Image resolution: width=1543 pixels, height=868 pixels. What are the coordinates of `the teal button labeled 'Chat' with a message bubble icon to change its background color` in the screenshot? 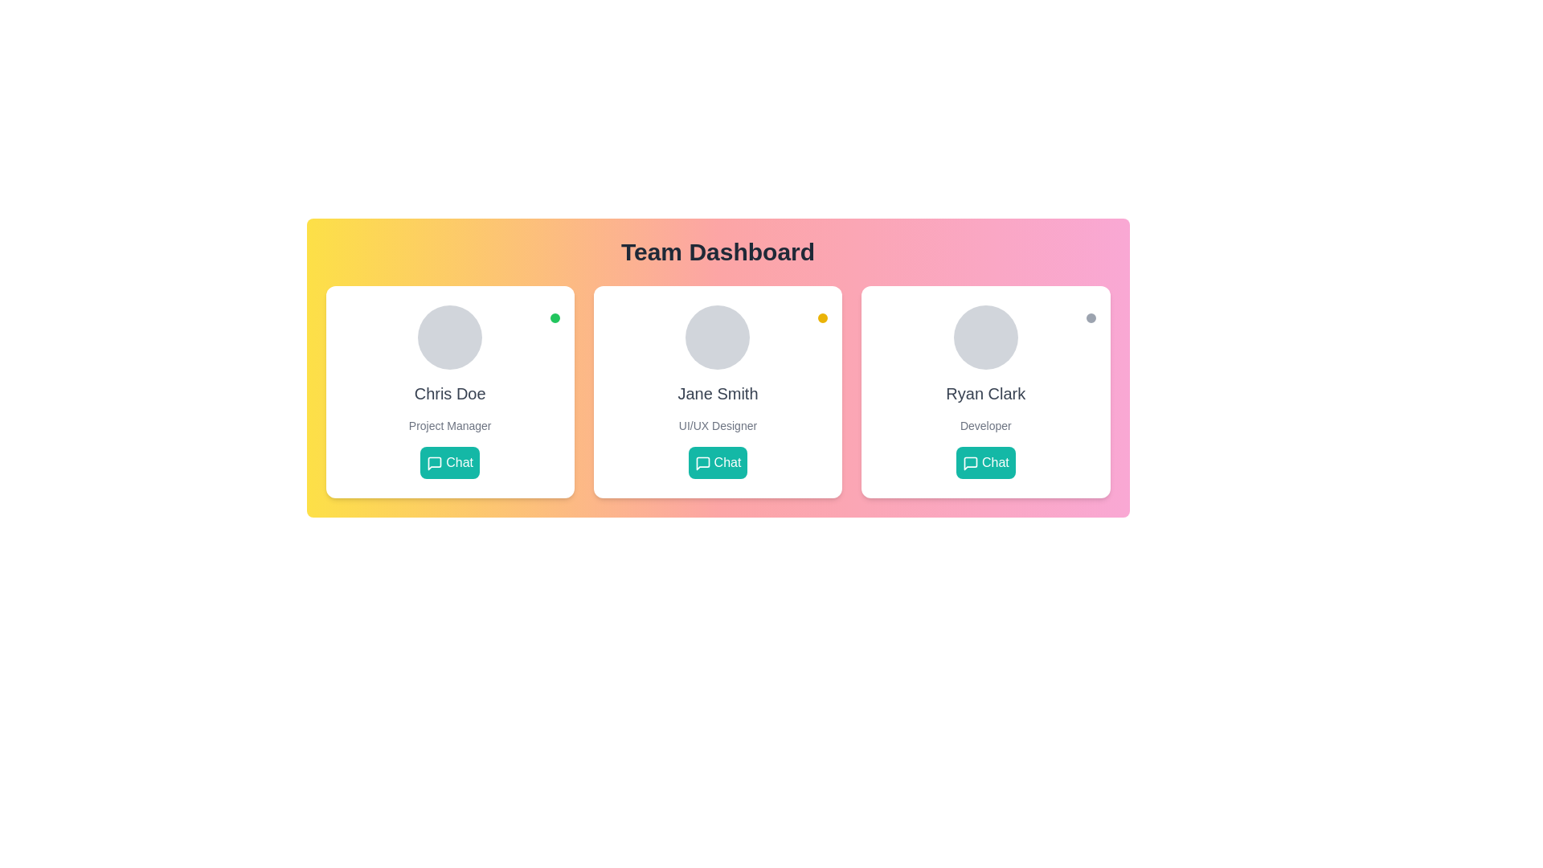 It's located at (984, 462).